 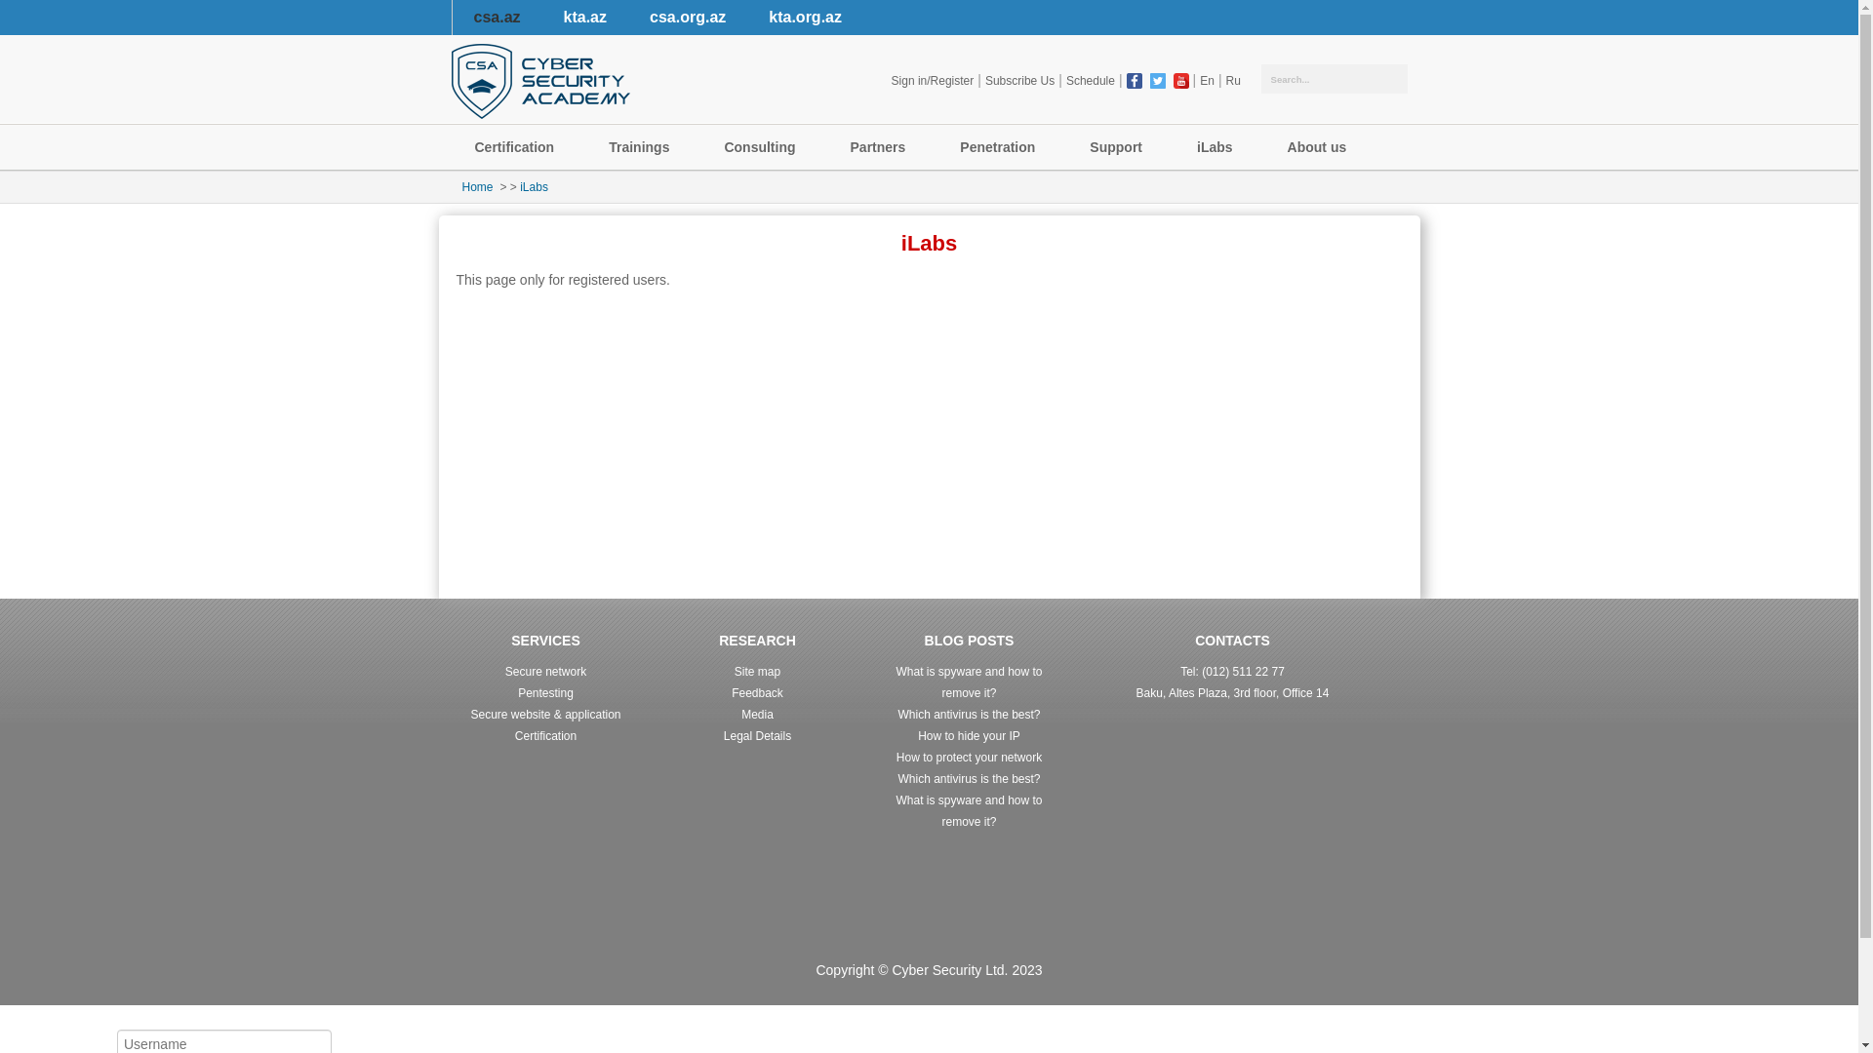 I want to click on 'Feedback', so click(x=730, y=691).